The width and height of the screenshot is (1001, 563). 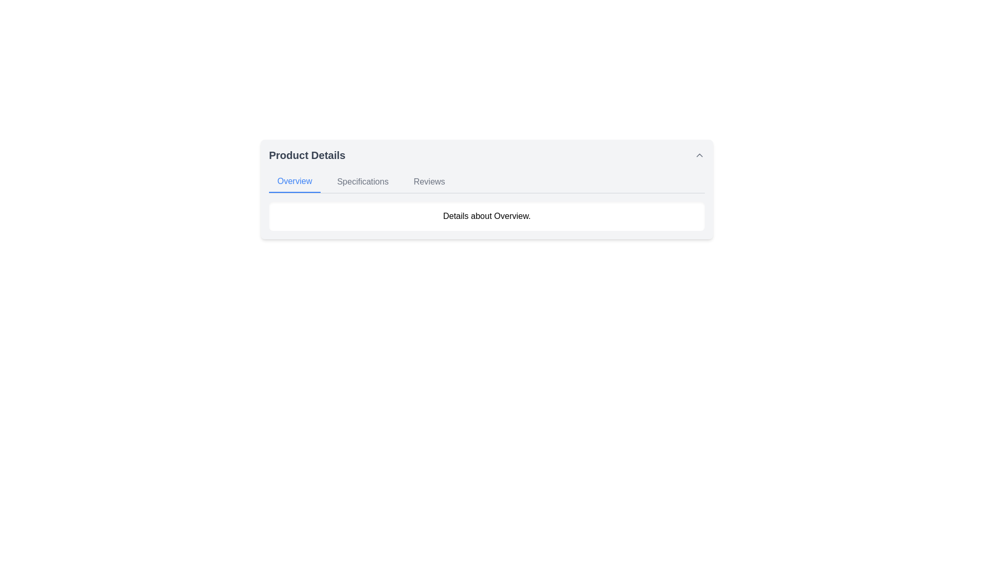 What do you see at coordinates (429, 181) in the screenshot?
I see `the 'Reviews' clickable navigation tab to change its color` at bounding box center [429, 181].